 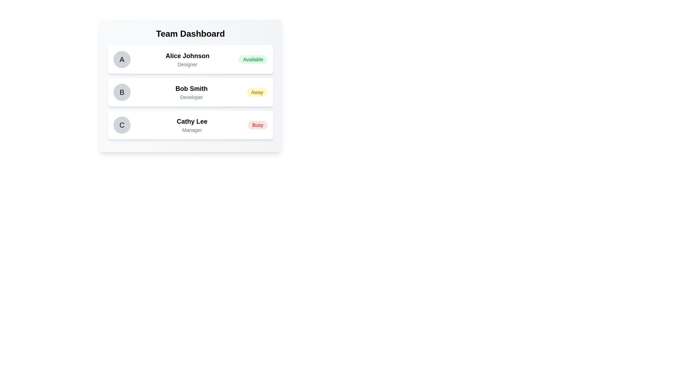 I want to click on the static text label that displays 'Developer', located beneath 'Bob Smith' in the second card of a vertical list within section 'B', so click(x=192, y=97).